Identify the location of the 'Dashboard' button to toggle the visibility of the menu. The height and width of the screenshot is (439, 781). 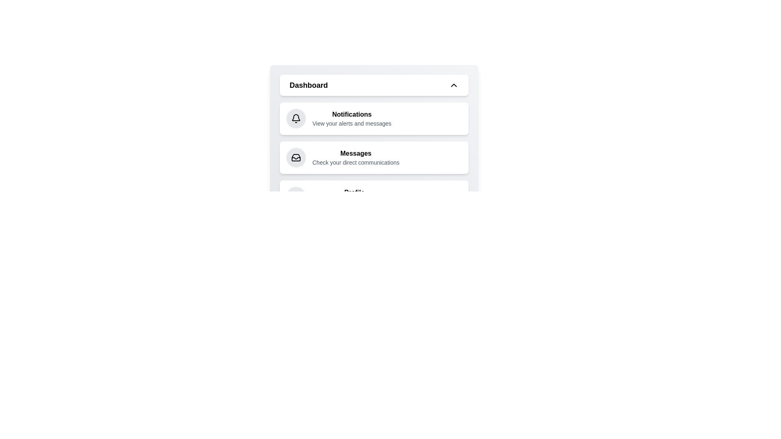
(374, 85).